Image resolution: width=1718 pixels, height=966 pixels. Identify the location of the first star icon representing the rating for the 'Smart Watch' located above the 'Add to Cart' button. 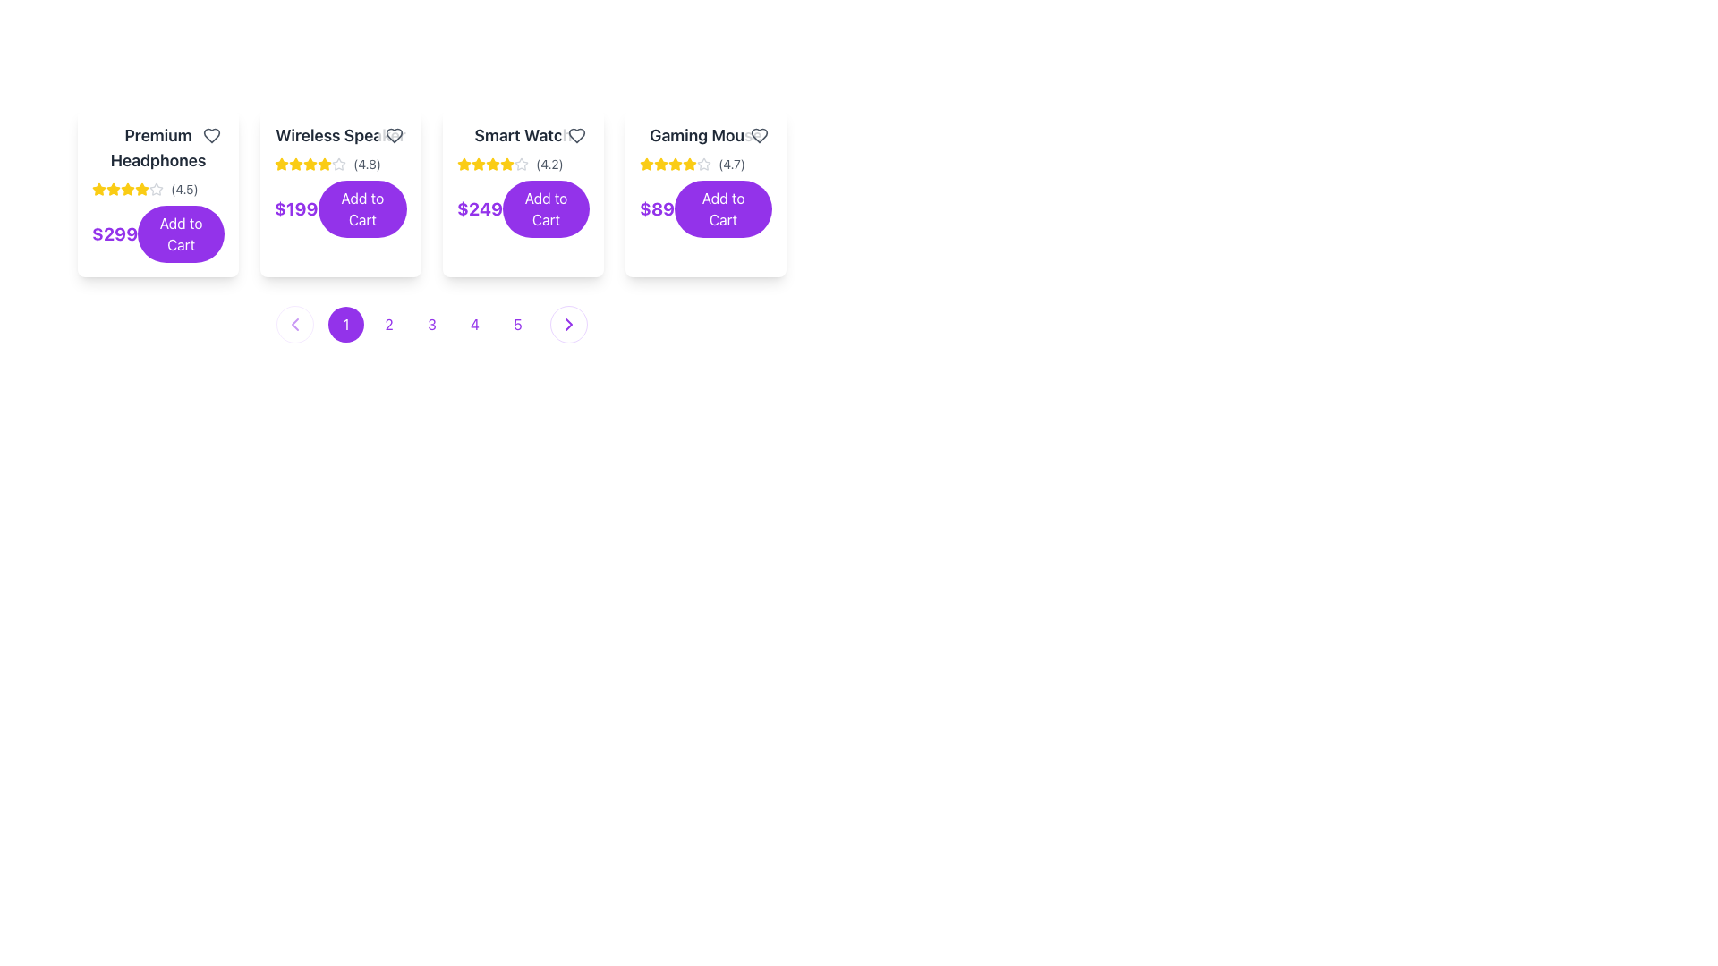
(464, 165).